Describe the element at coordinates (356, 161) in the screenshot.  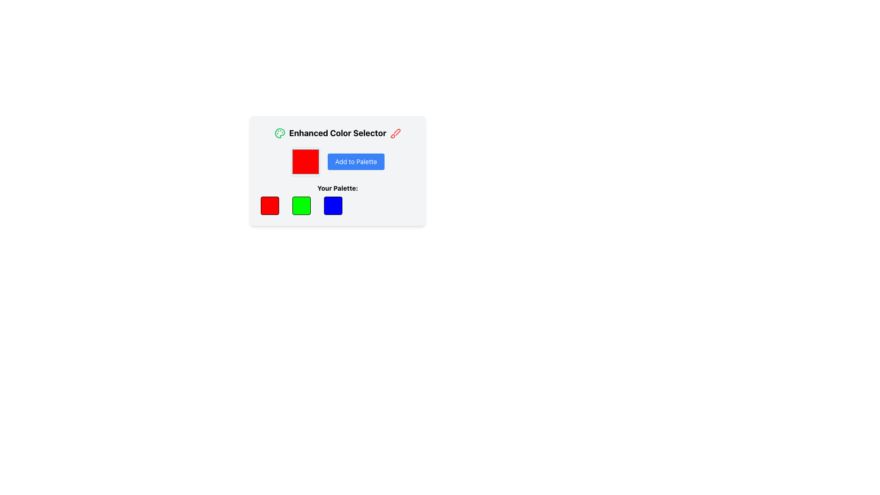
I see `the 'Add to Palette' button, which is a rectangular button with white text on a blue background, located in the middle-right portion of the 'Enhanced Color Selector' section` at that location.